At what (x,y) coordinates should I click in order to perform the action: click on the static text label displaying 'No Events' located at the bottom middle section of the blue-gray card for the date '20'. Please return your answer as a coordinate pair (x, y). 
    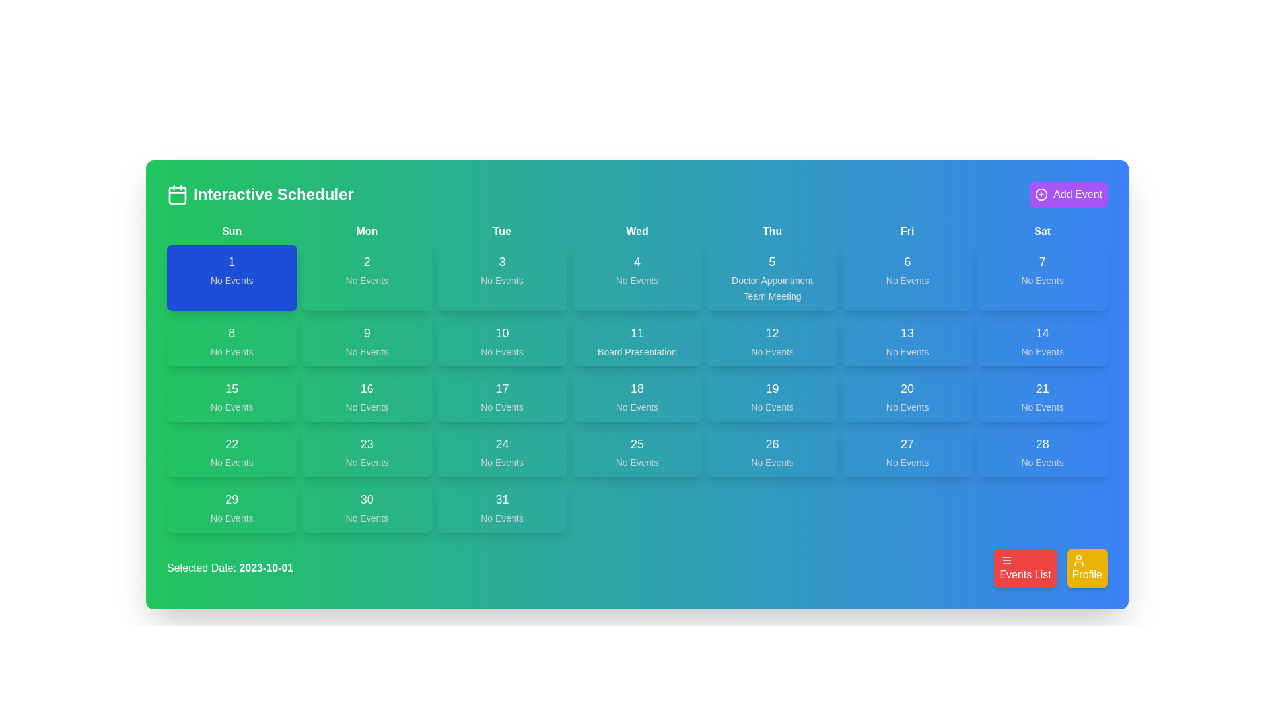
    Looking at the image, I should click on (907, 407).